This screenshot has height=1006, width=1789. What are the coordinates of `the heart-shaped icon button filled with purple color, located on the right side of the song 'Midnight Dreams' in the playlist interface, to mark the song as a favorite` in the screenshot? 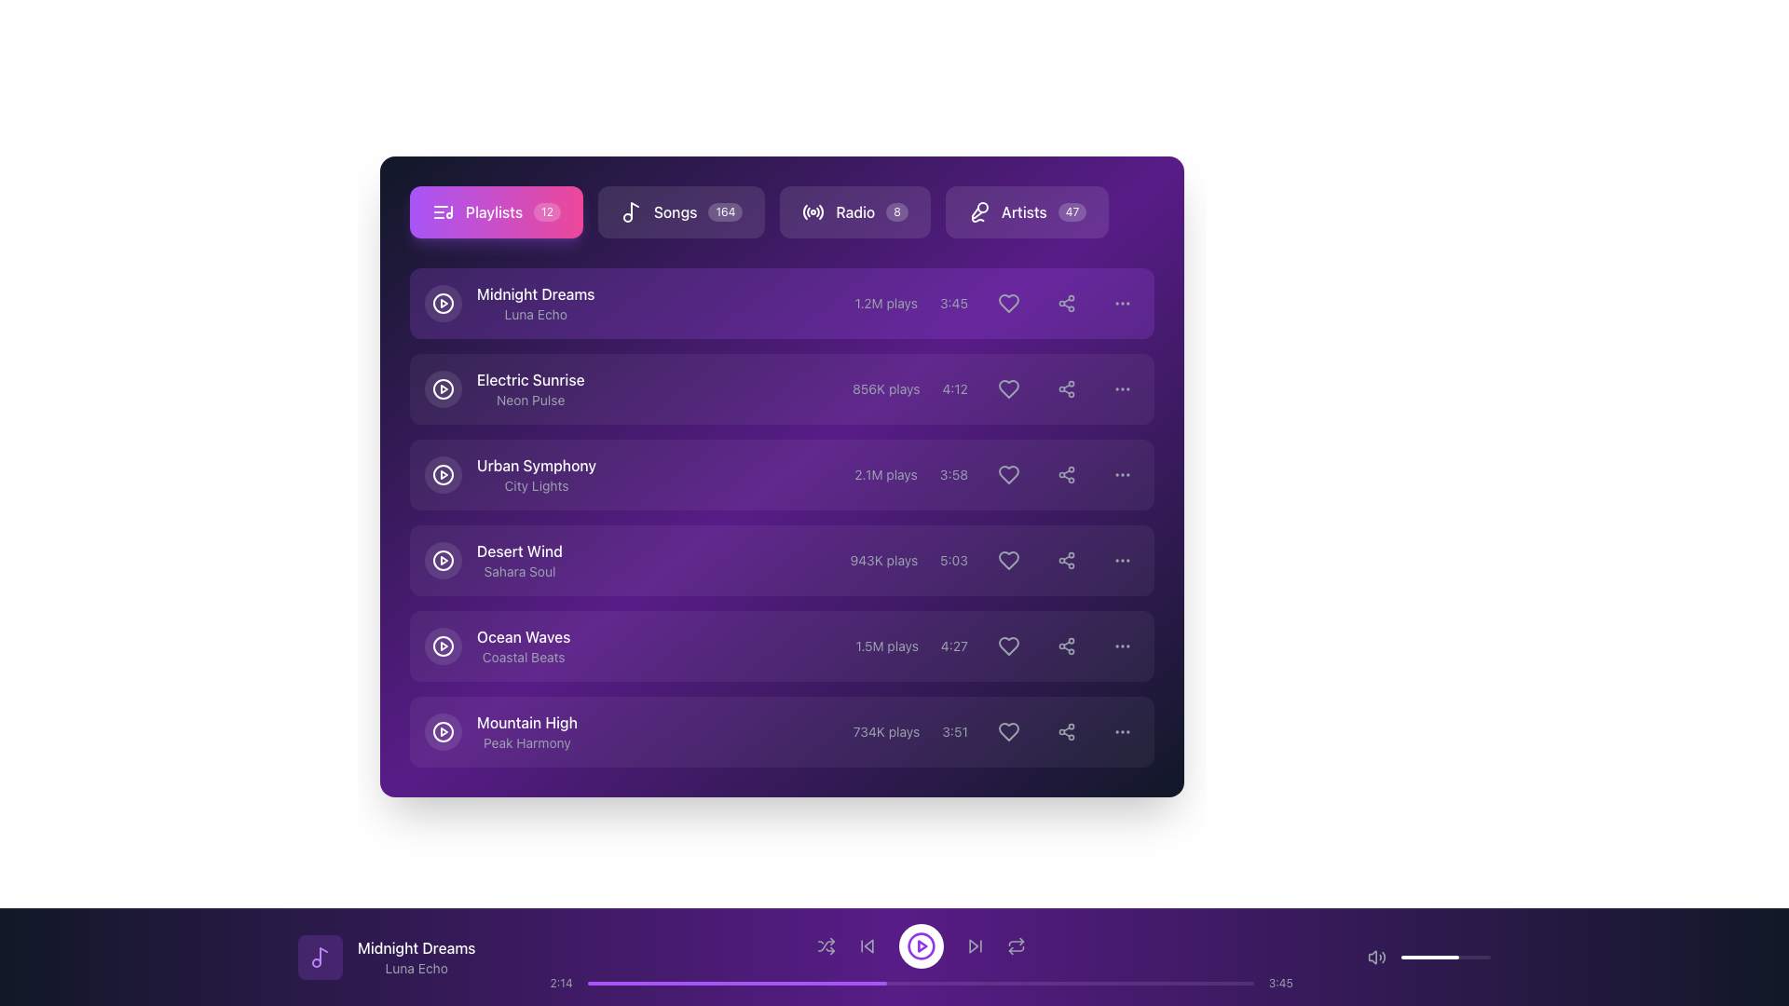 It's located at (1008, 303).